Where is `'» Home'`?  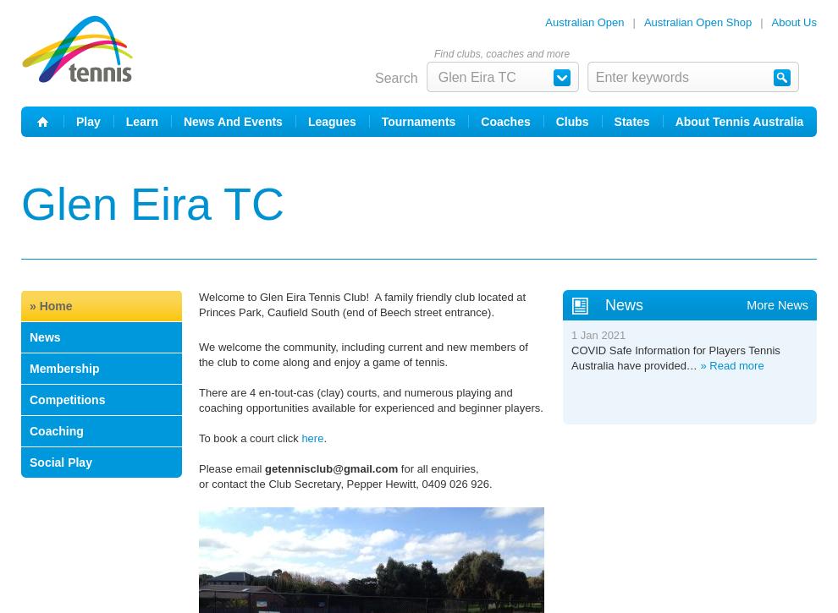
'» Home' is located at coordinates (29, 305).